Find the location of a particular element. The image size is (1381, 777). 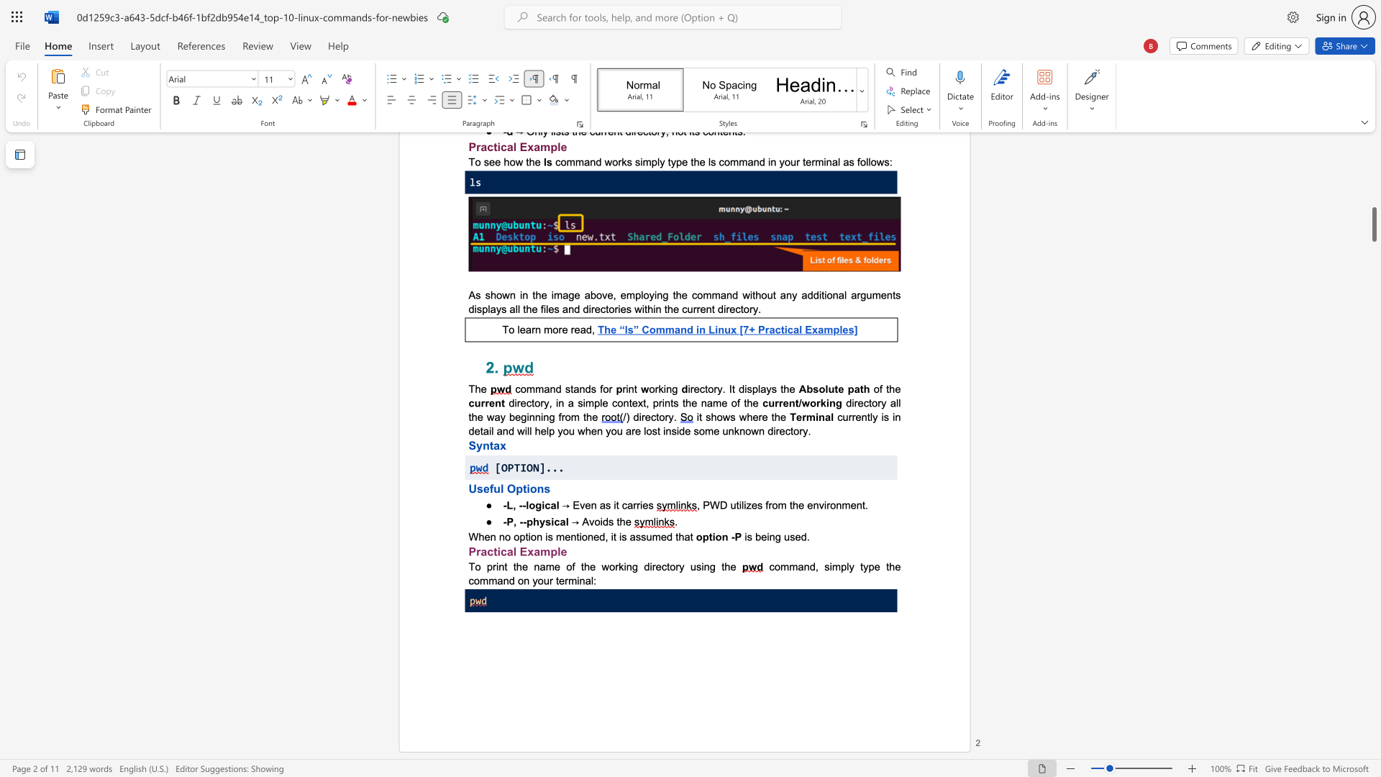

the subset text "sica" within the text "-P, --physical" is located at coordinates (544, 522).